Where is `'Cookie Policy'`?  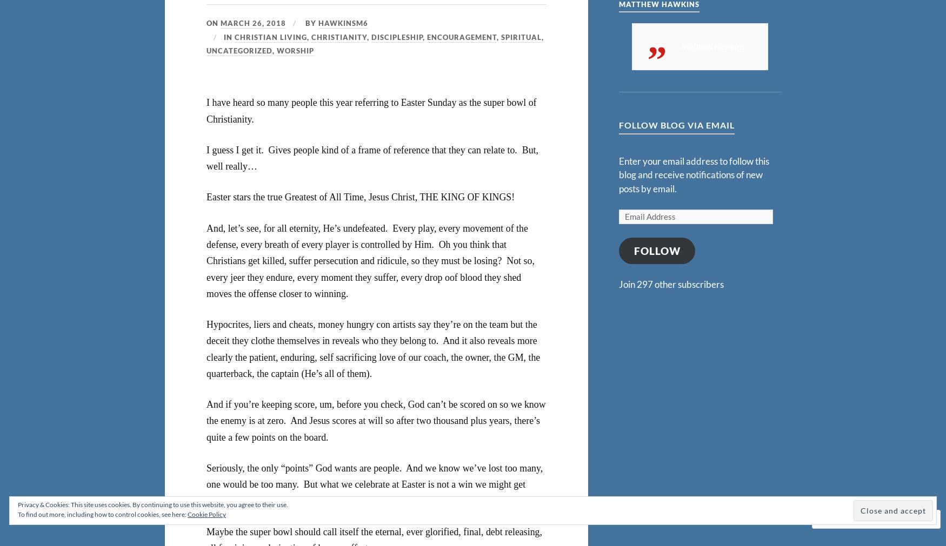
'Cookie Policy' is located at coordinates (206, 514).